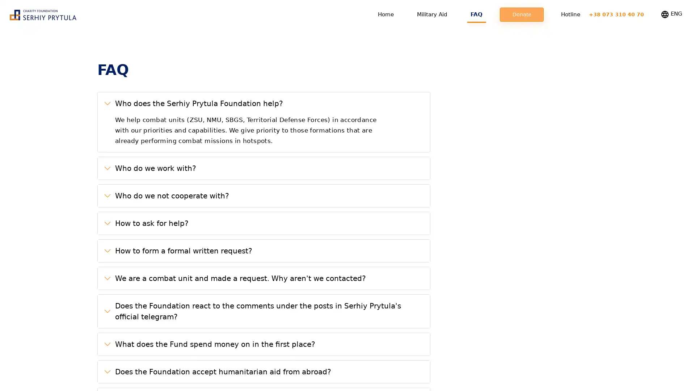  What do you see at coordinates (263, 195) in the screenshot?
I see `Who do we not cooperate with?` at bounding box center [263, 195].